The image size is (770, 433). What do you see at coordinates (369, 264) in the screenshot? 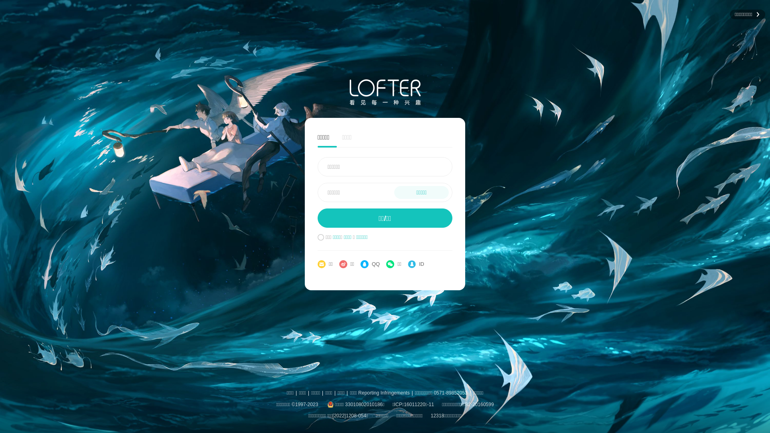
I see `'QQ'` at bounding box center [369, 264].